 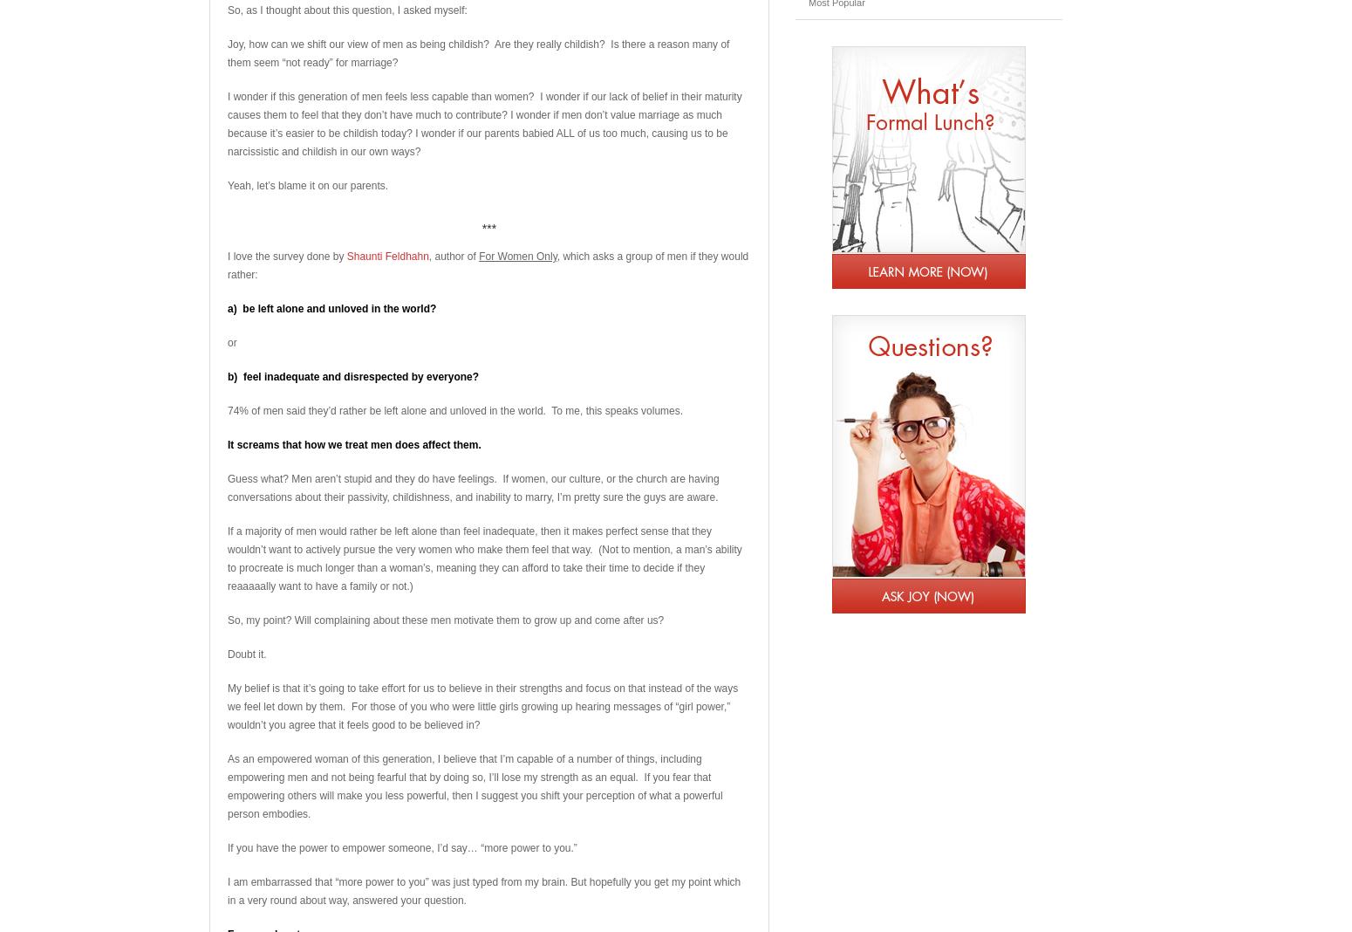 I want to click on 'b)  feel inadequate and disrespected by everyone?', so click(x=353, y=377).